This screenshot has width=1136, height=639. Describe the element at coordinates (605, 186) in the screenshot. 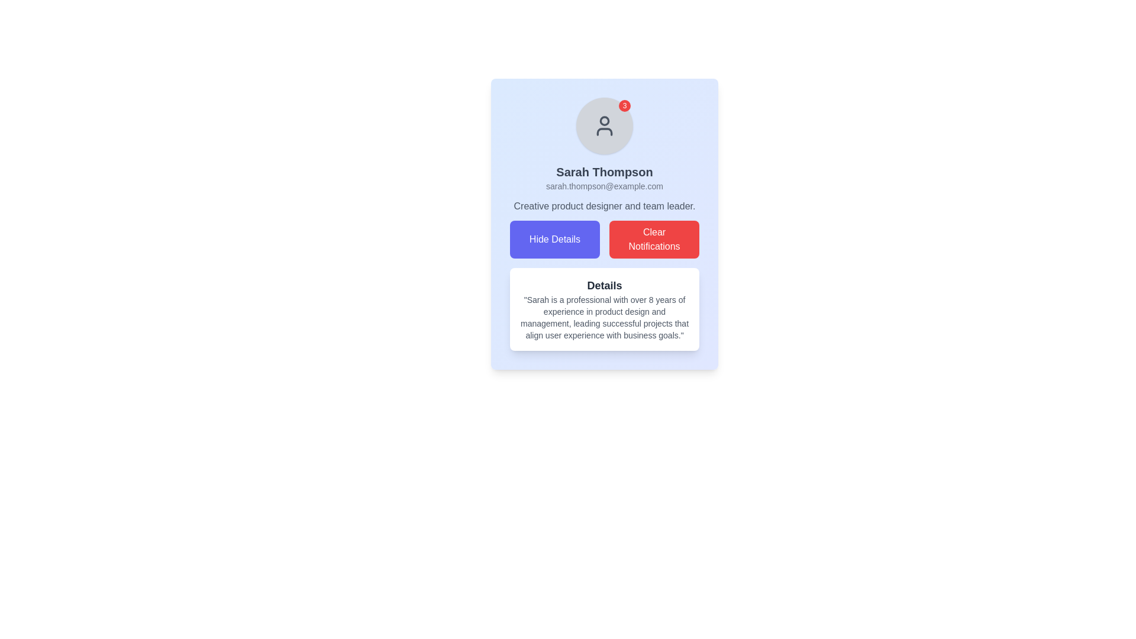

I see `the text display element showing the email address 'sarah.thompson@example.com', which is styled in a small gray font and positioned below the name 'Sarah Thompson'` at that location.